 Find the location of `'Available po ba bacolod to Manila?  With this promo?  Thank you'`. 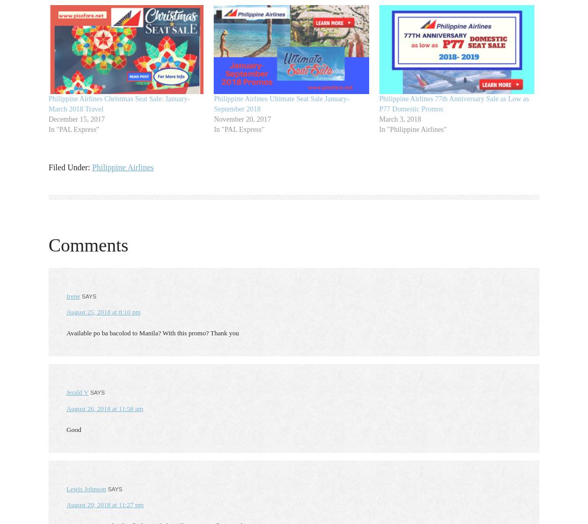

'Available po ba bacolod to Manila?  With this promo?  Thank you' is located at coordinates (152, 332).